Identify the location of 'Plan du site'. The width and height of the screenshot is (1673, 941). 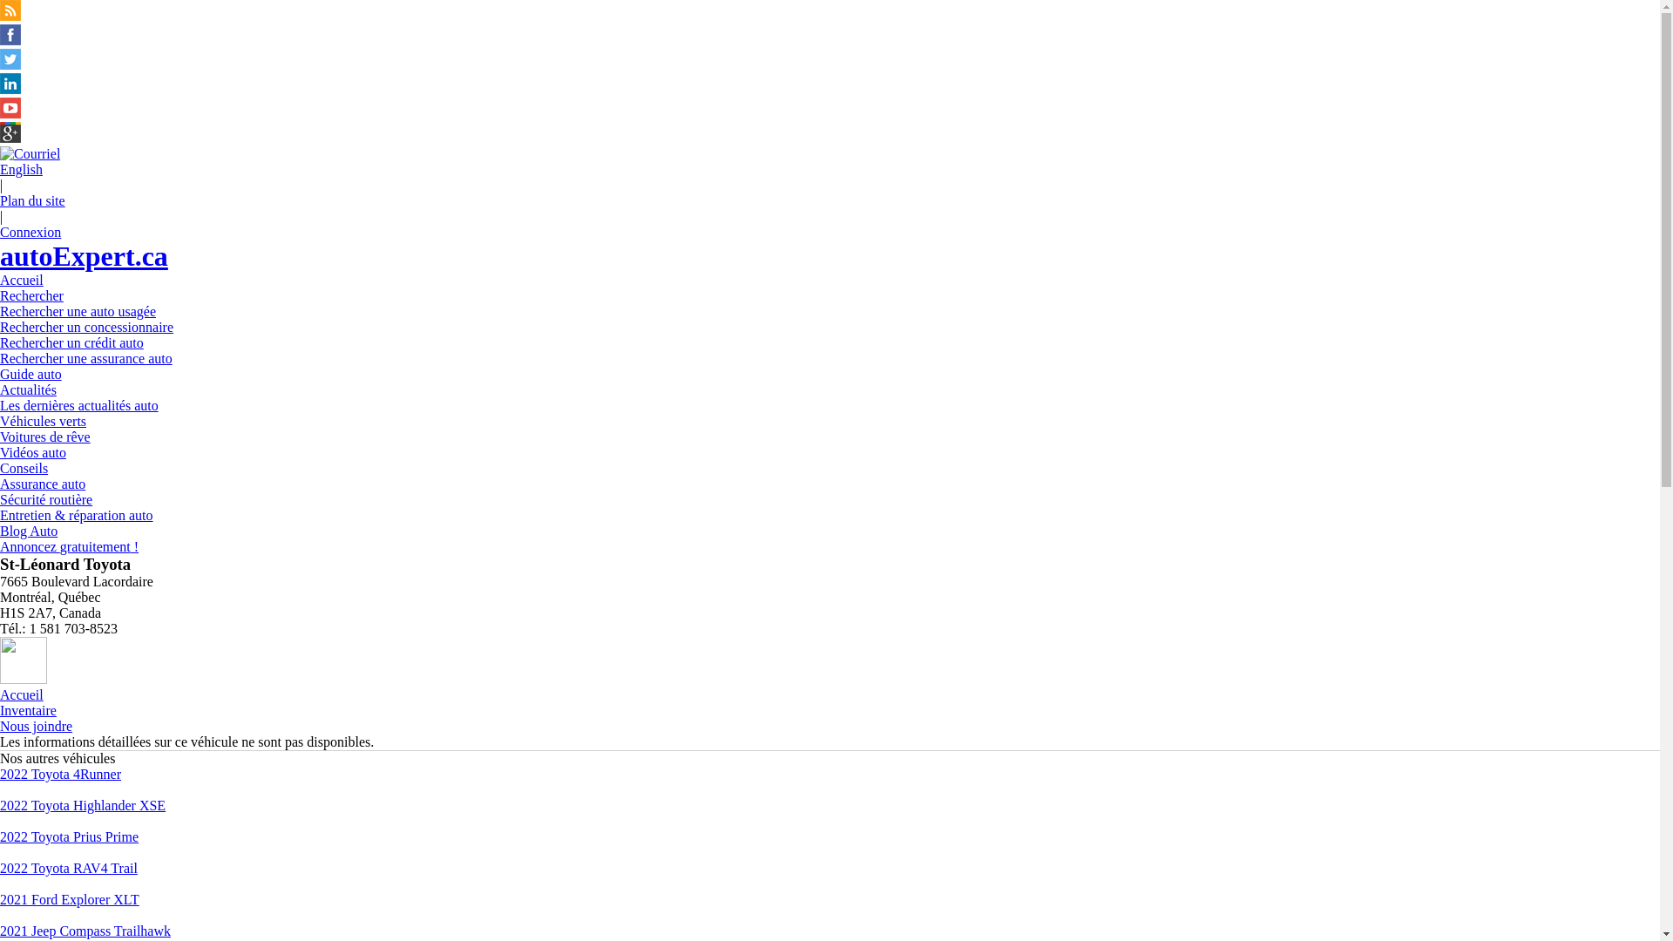
(0, 200).